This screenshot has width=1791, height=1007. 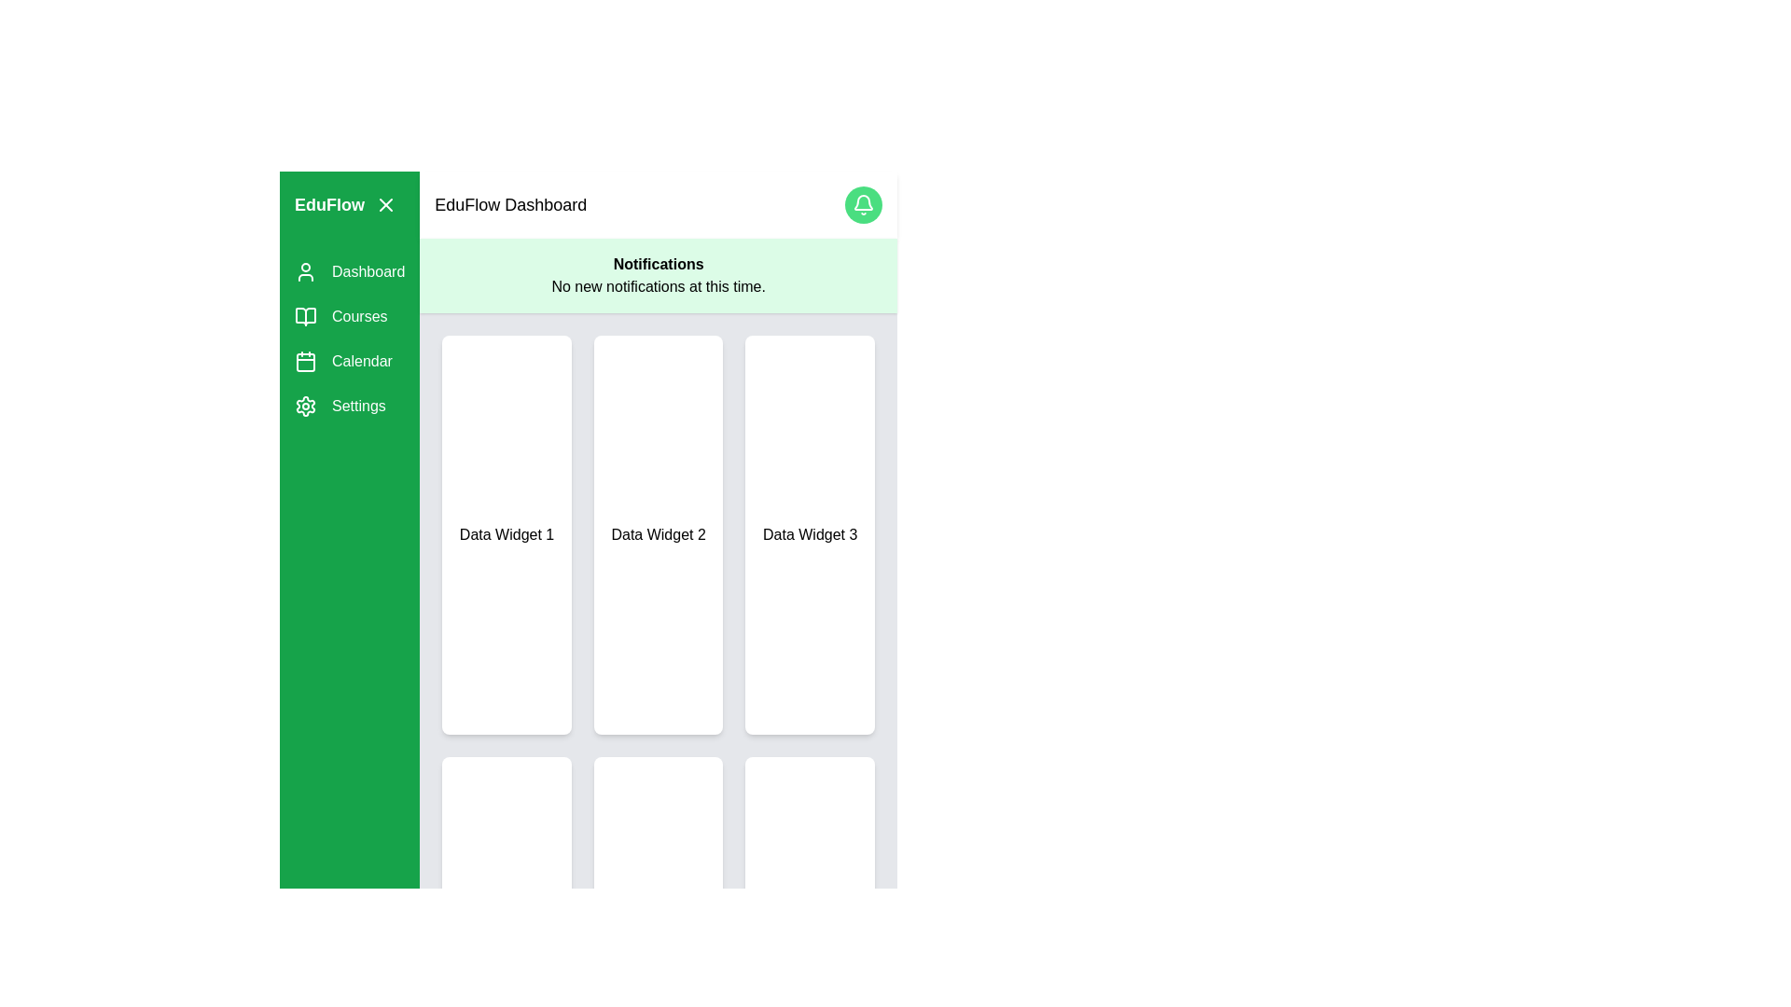 What do you see at coordinates (659, 535) in the screenshot?
I see `the second data widget panel located in the top row of the grid layout, positioned between 'Data Widget 1' and 'Data Widget 3'` at bounding box center [659, 535].